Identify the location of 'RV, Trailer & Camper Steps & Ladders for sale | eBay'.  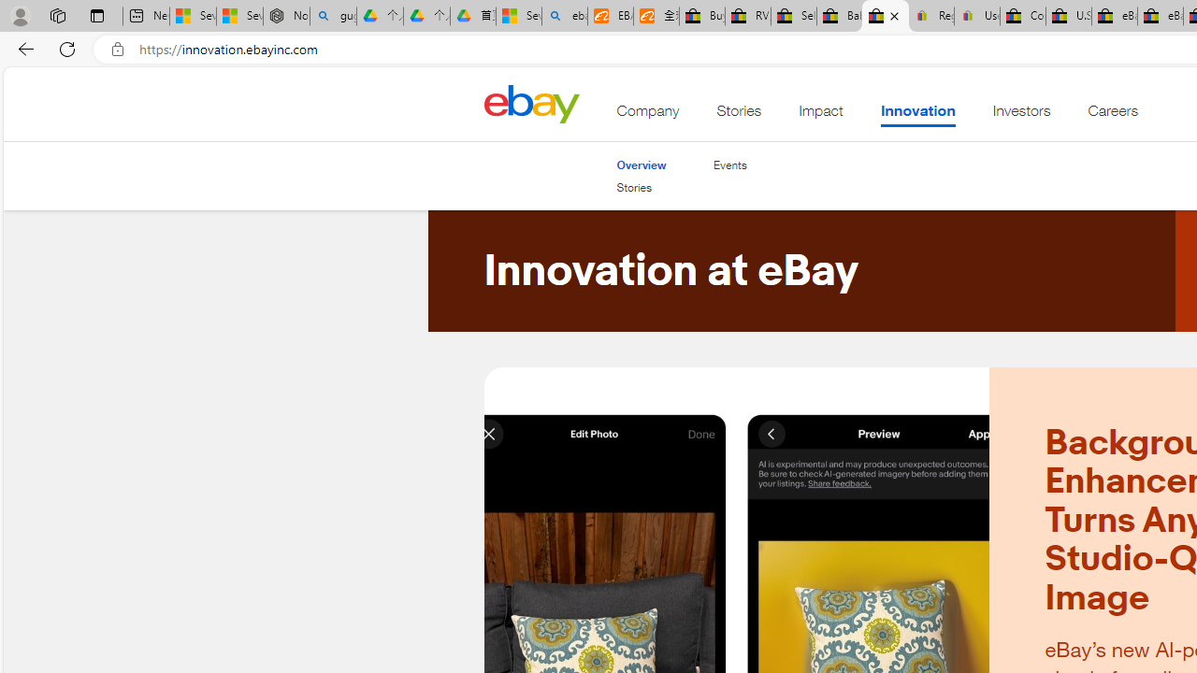
(748, 16).